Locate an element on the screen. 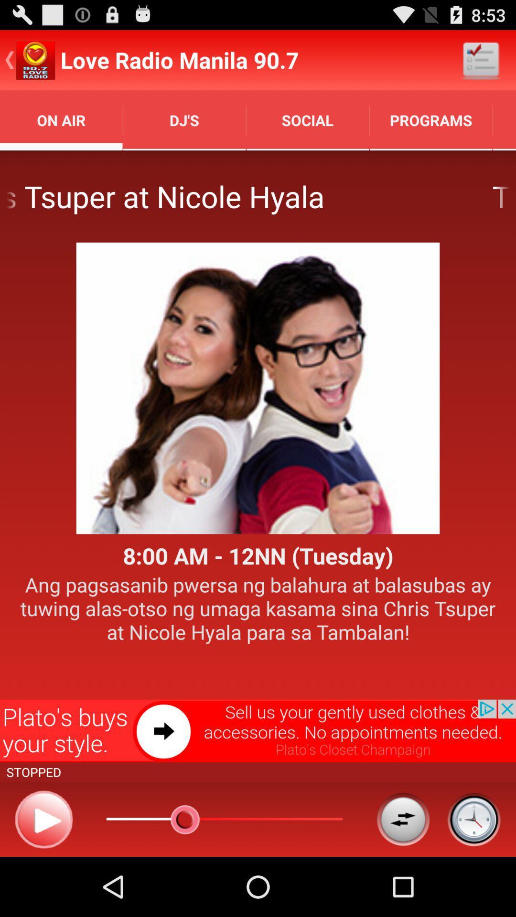 This screenshot has height=917, width=516. audio duration is located at coordinates (473, 819).